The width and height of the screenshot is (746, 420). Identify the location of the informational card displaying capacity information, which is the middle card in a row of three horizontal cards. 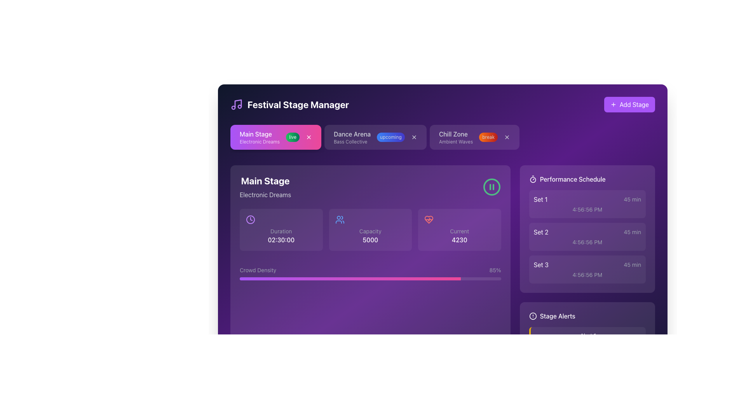
(370, 229).